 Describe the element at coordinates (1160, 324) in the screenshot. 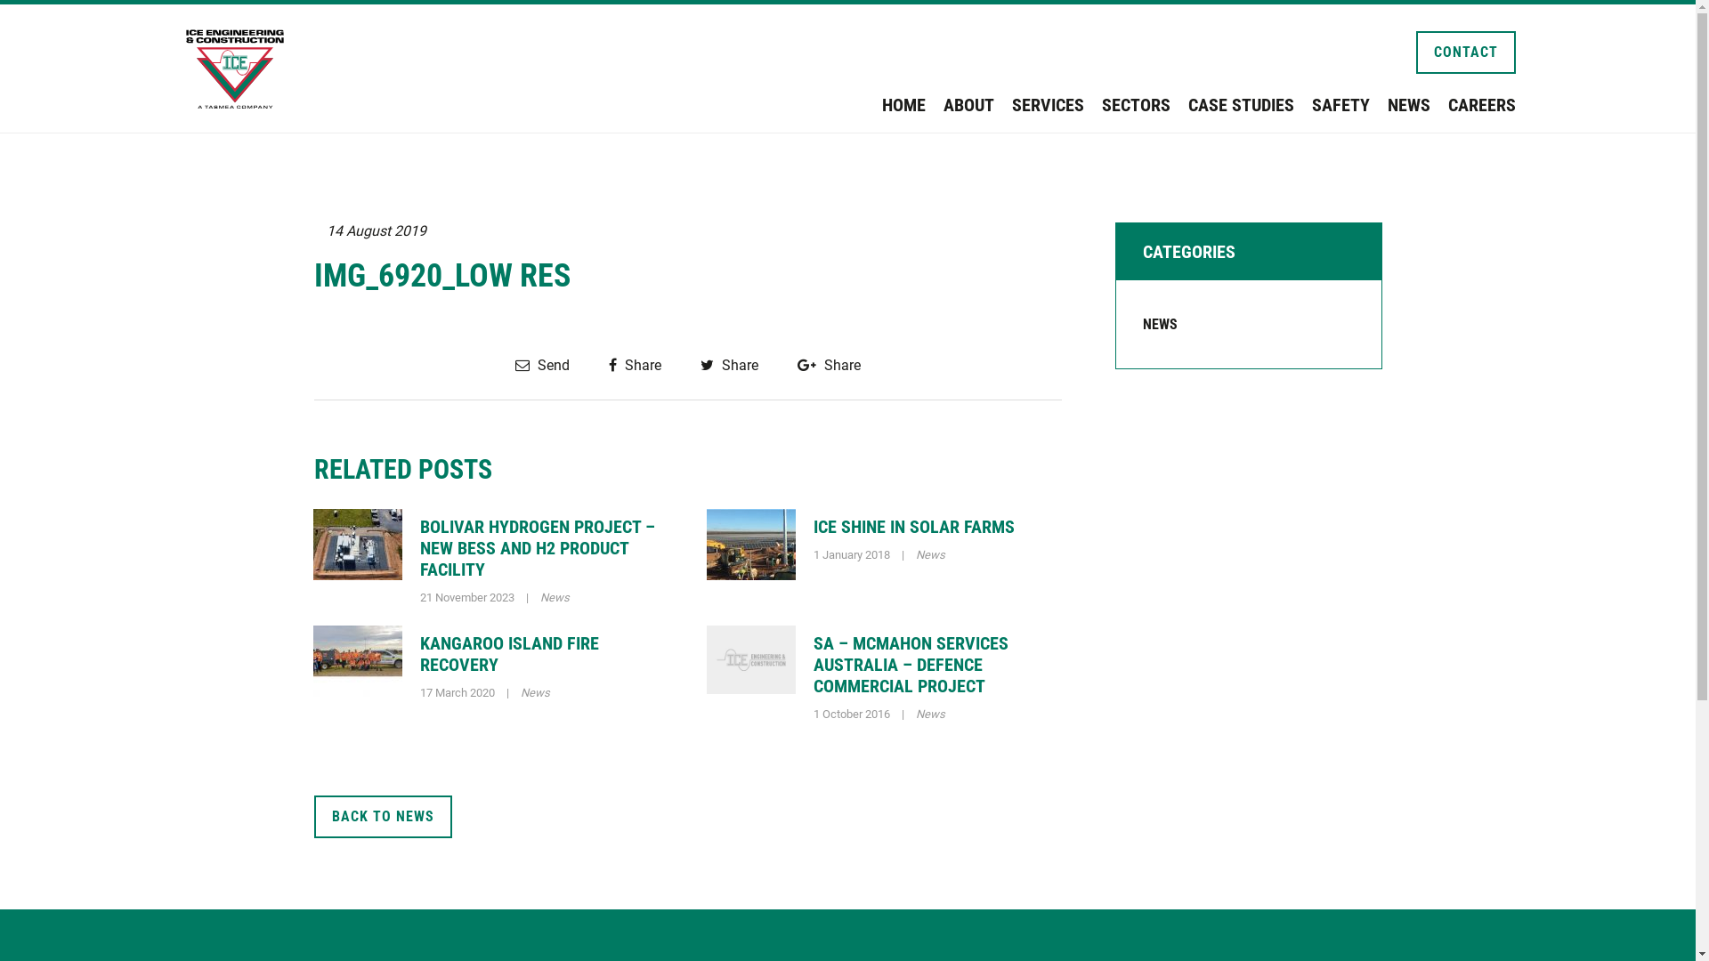

I see `'NEWS'` at that location.